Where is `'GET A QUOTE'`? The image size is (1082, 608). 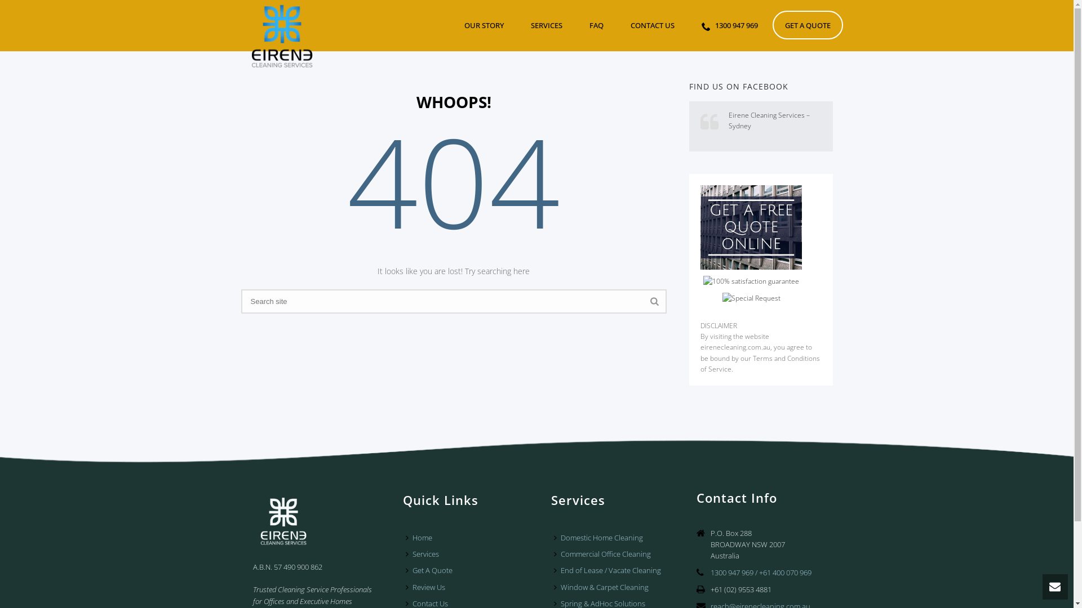
'GET A QUOTE' is located at coordinates (806, 25).